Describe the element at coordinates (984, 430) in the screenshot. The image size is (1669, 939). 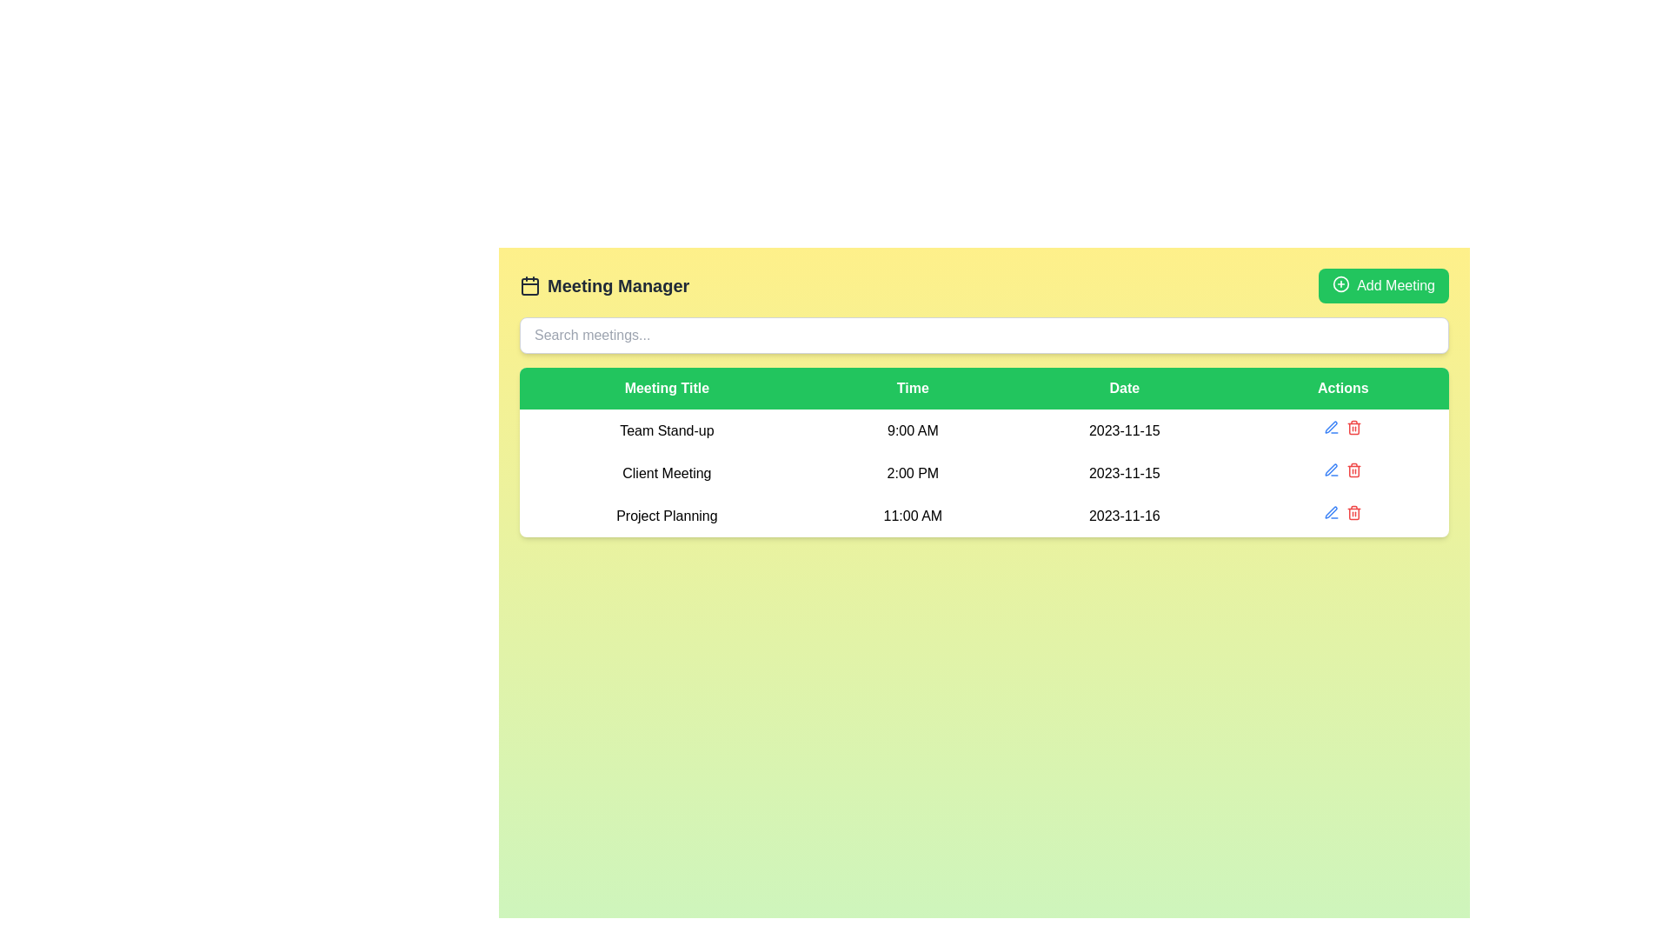
I see `first table row in the scheduling table that contains the meeting entry, including title, time, and date information` at that location.